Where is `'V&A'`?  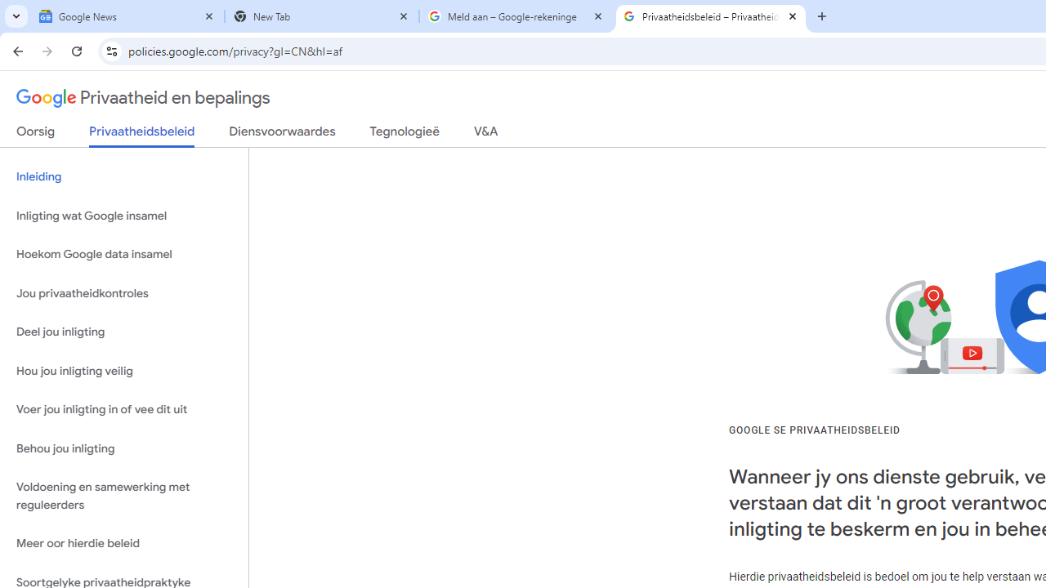
'V&A' is located at coordinates (485, 134).